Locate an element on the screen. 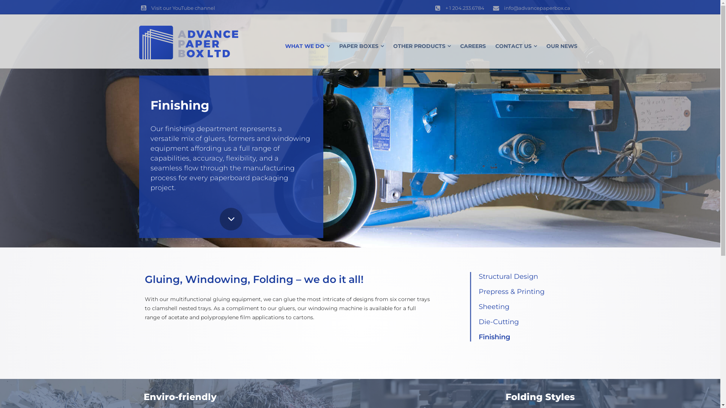 This screenshot has width=726, height=408. 'WHAT WE DO' is located at coordinates (307, 46).